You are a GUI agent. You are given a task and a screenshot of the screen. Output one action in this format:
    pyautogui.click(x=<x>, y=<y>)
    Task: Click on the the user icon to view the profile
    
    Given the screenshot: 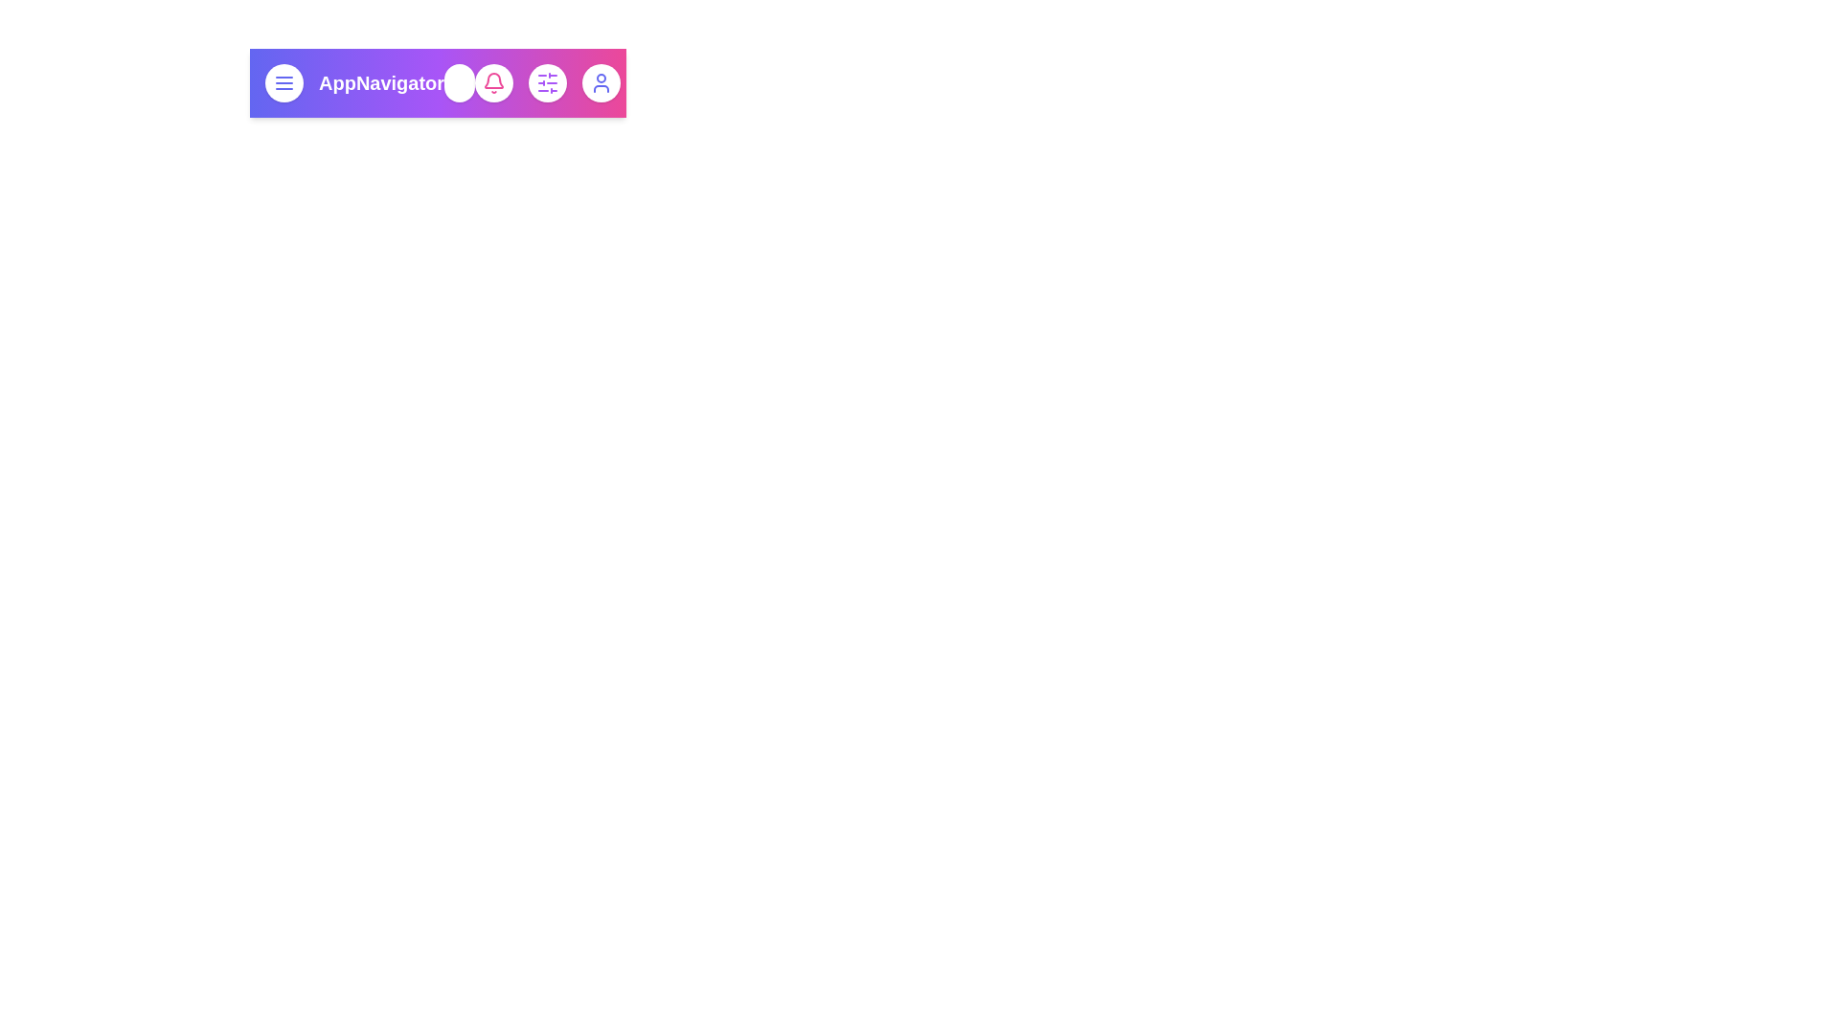 What is the action you would take?
    pyautogui.click(x=601, y=82)
    